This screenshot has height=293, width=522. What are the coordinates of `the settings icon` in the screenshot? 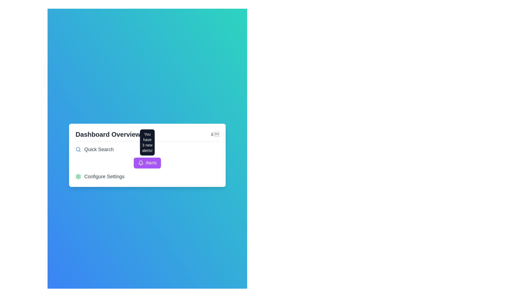 It's located at (78, 176).